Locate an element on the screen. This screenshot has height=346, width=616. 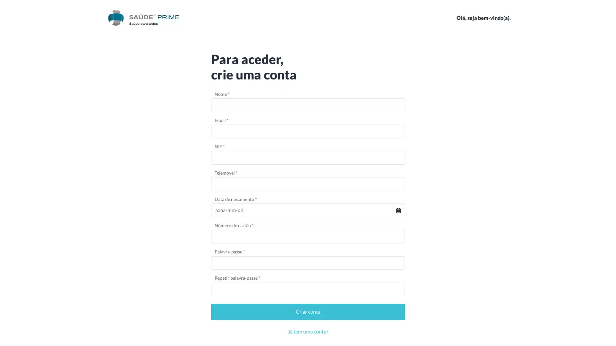
Criar conta is located at coordinates (308, 311).